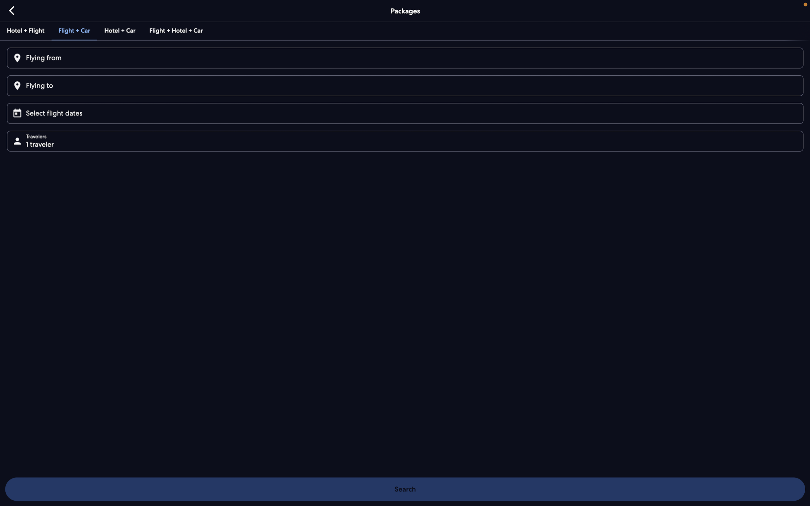 Image resolution: width=810 pixels, height=506 pixels. I want to click on the "travellers" button to modify number of passengers, so click(407, 140).